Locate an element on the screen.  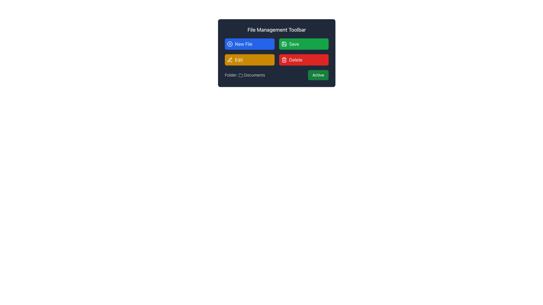
the save icon, which is the leftmost part of the 'Save' button located to the right of the 'New File' button and above the 'Delete' button in the toolbar is located at coordinates (284, 43).